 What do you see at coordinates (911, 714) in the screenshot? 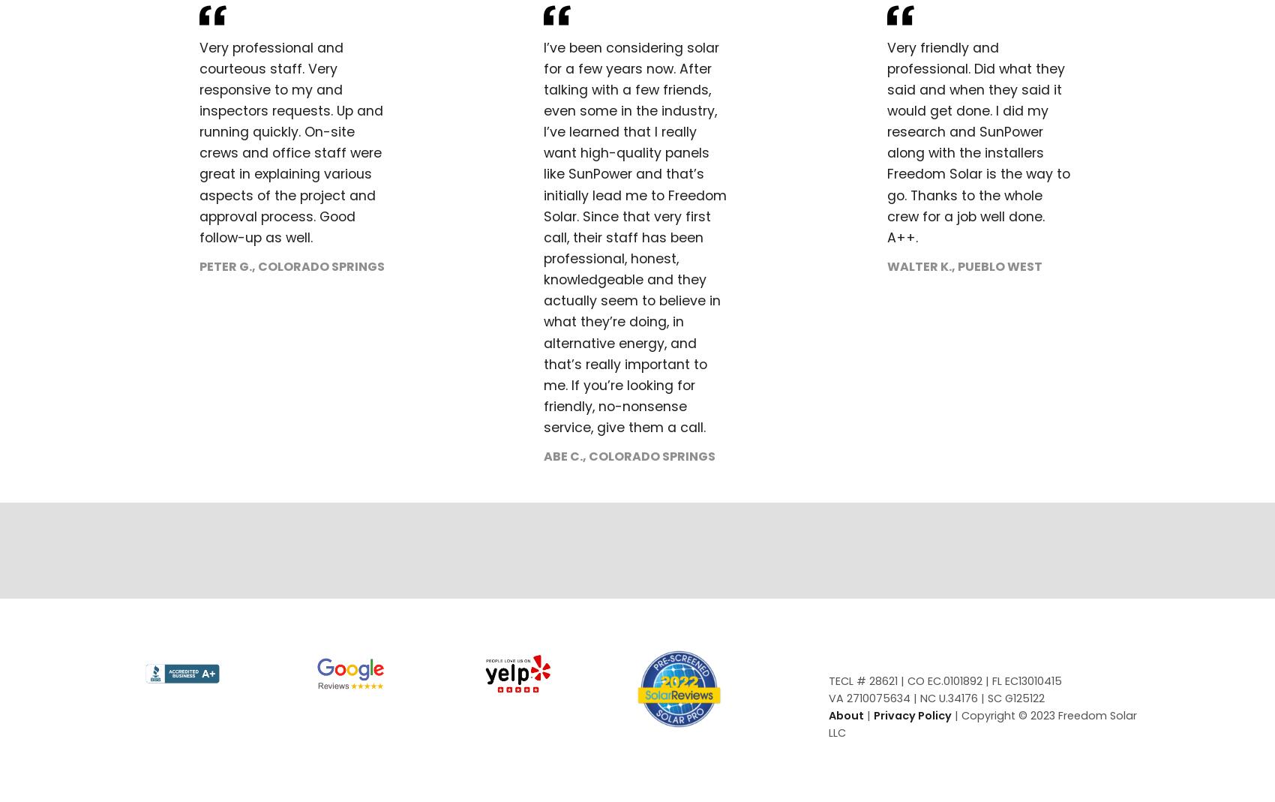
I see `'Privacy Policy'` at bounding box center [911, 714].